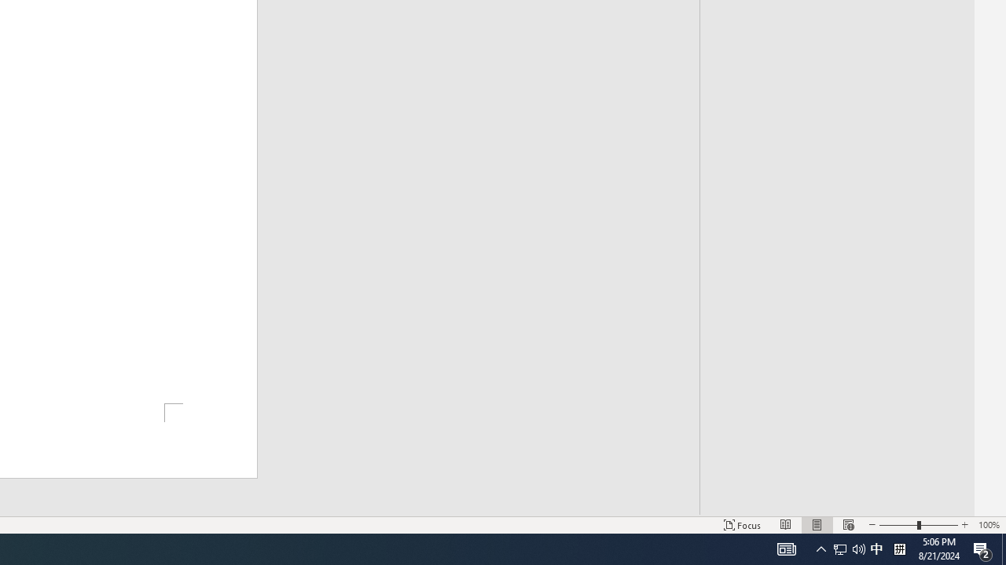 This screenshot has width=1006, height=565. I want to click on 'Print Layout', so click(817, 525).